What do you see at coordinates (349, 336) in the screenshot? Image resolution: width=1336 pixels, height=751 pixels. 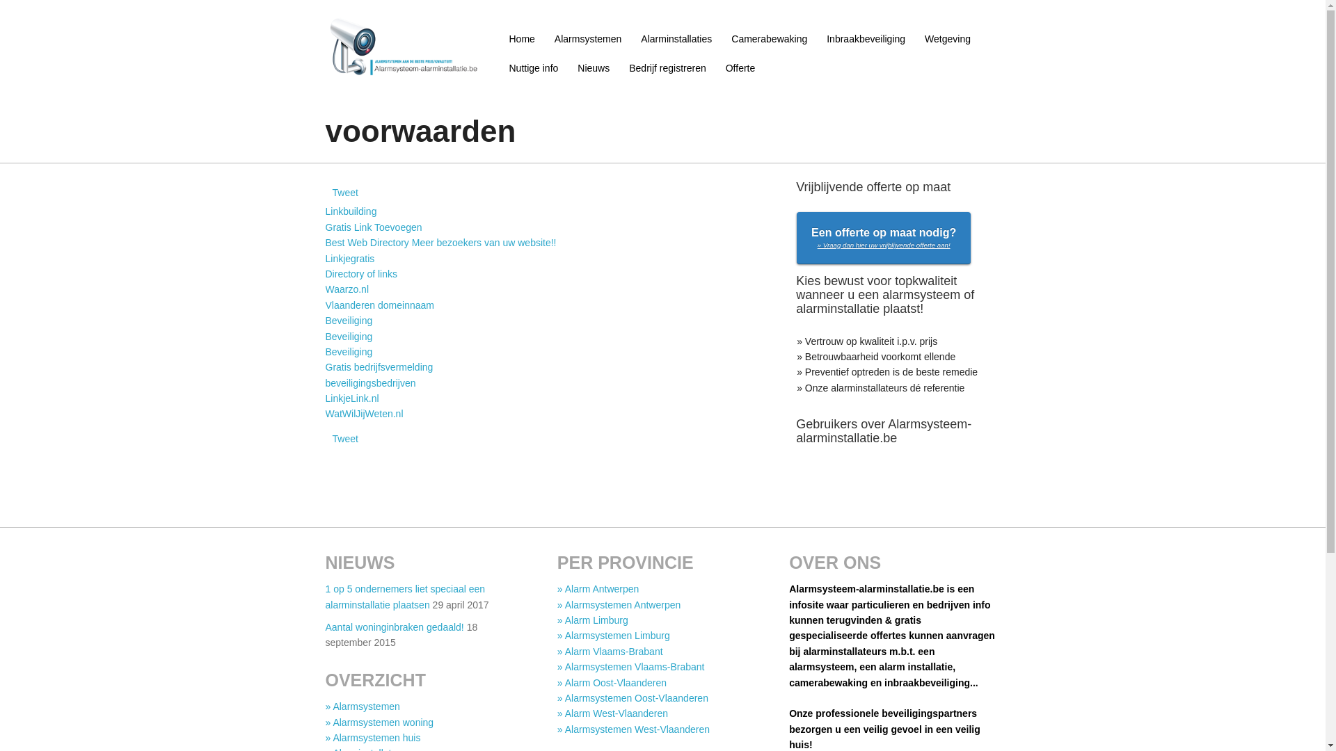 I see `'Beveiliging'` at bounding box center [349, 336].